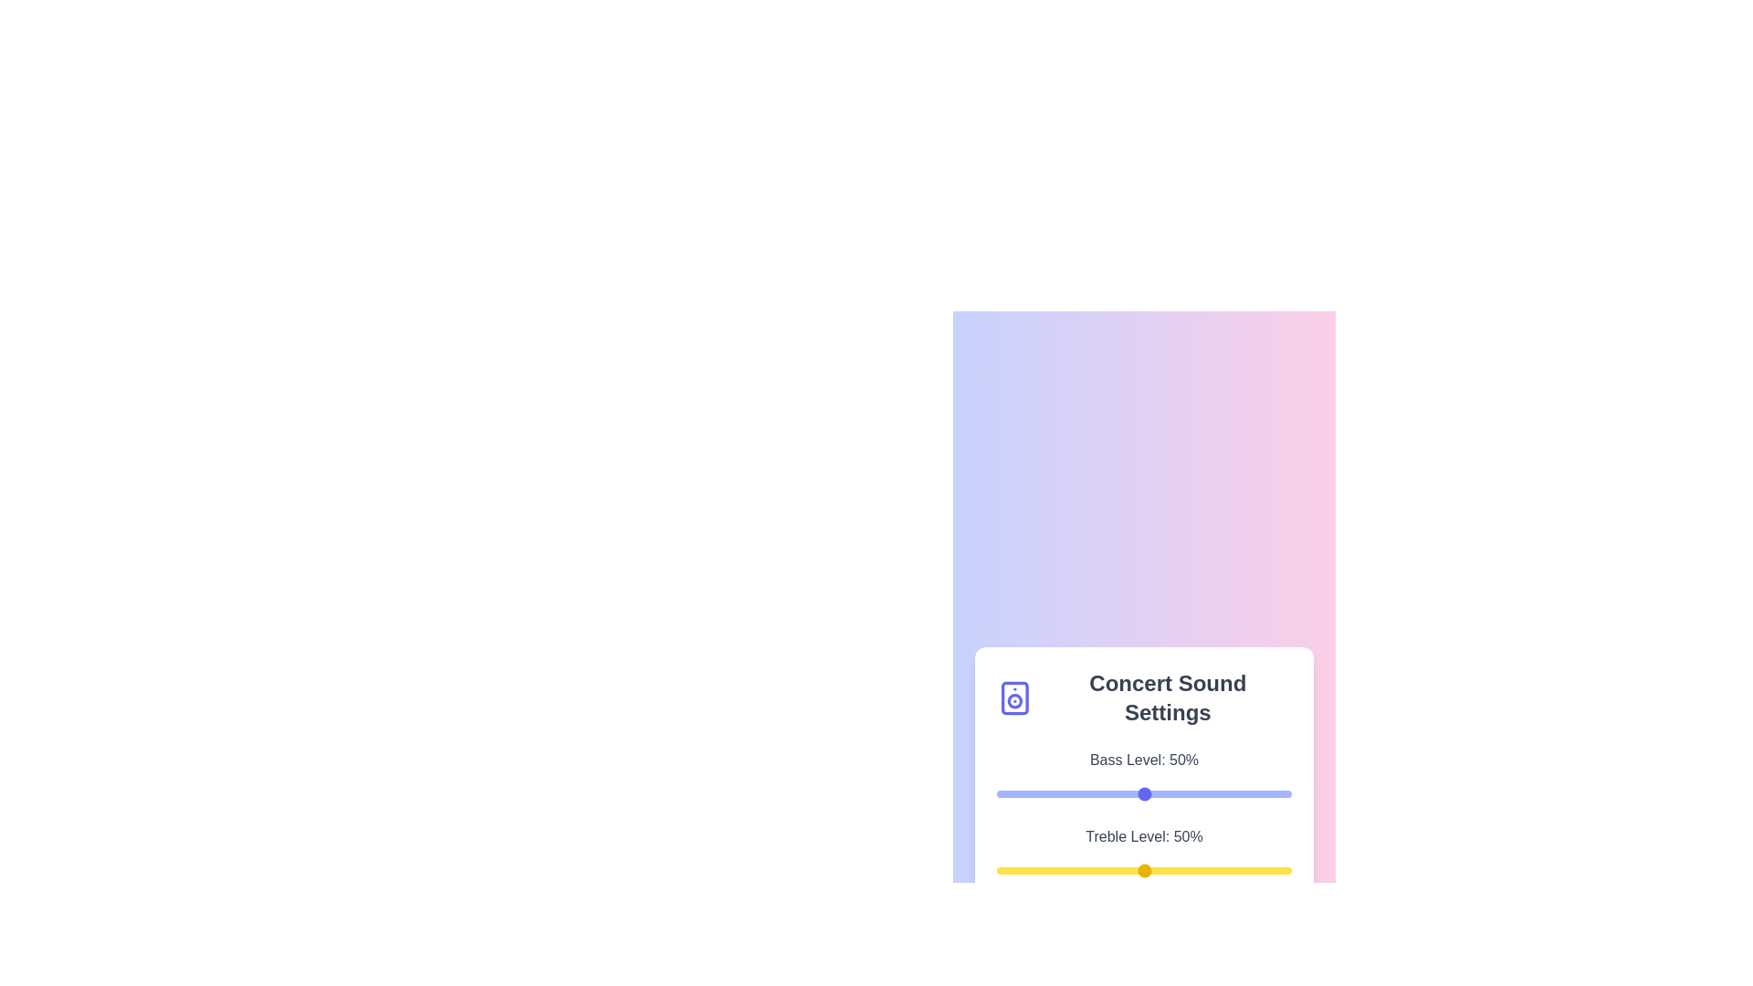  I want to click on the bass level slider to 17%, so click(1046, 793).